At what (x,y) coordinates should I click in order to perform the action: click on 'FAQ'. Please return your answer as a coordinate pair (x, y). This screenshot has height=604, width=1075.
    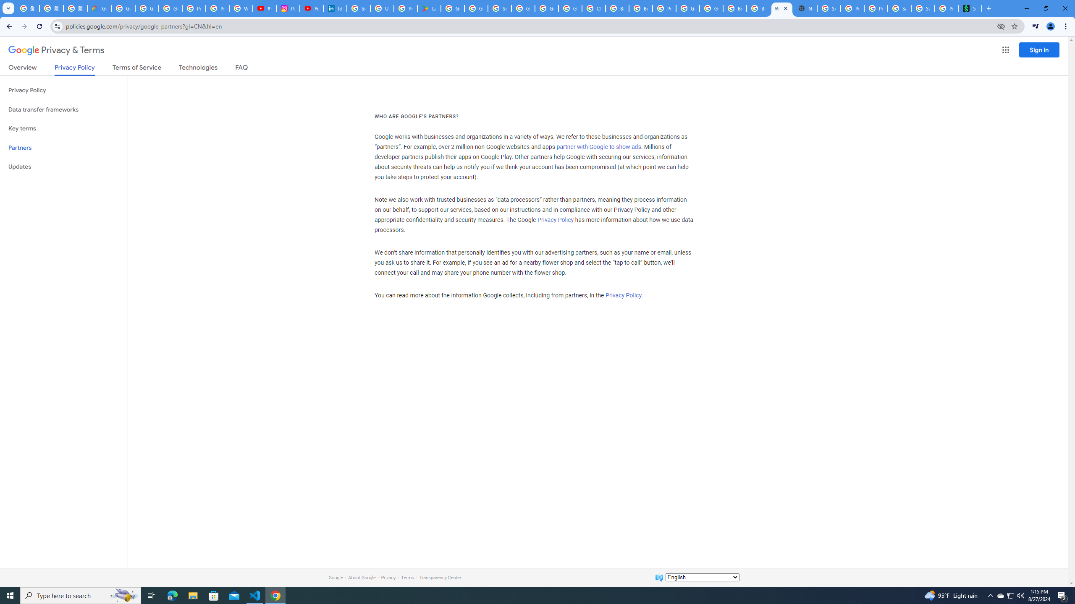
    Looking at the image, I should click on (241, 69).